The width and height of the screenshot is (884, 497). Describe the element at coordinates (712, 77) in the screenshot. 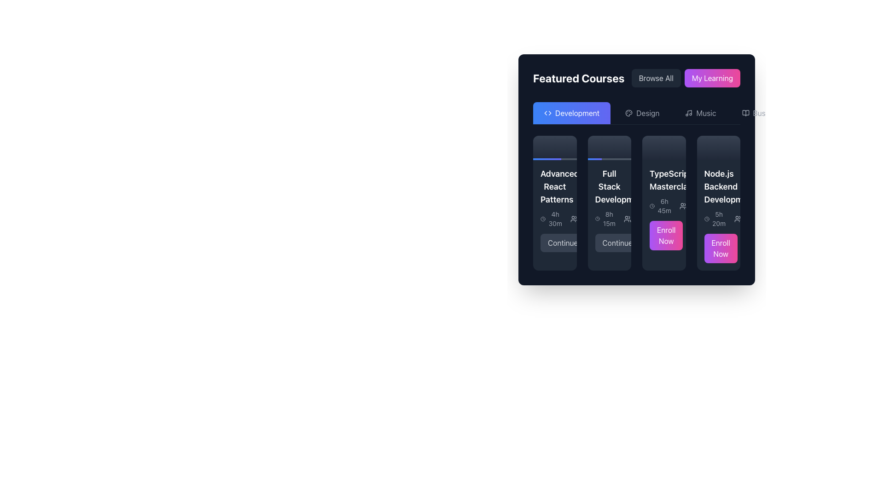

I see `the 'My Learning' button, which is the second button in the horizontal grouping of 'Browse All' and 'My Learning' buttons located at the top-right of the 'Featured Courses' section, to observe the hover effect` at that location.